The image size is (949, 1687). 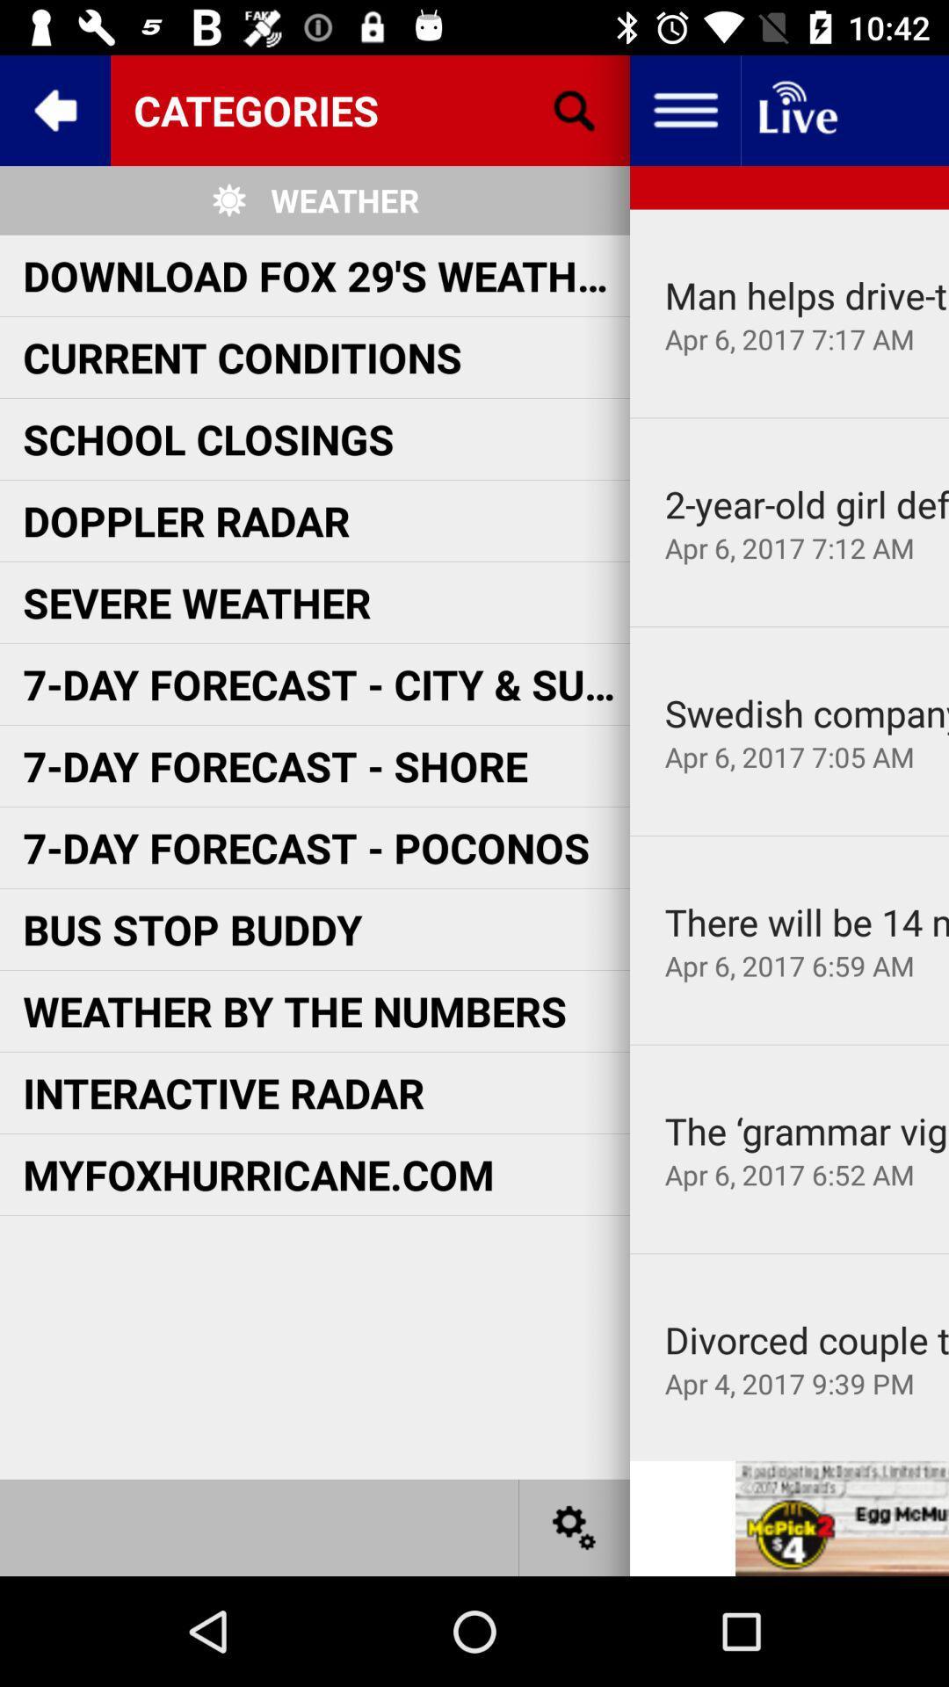 I want to click on open settings, so click(x=575, y=1526).